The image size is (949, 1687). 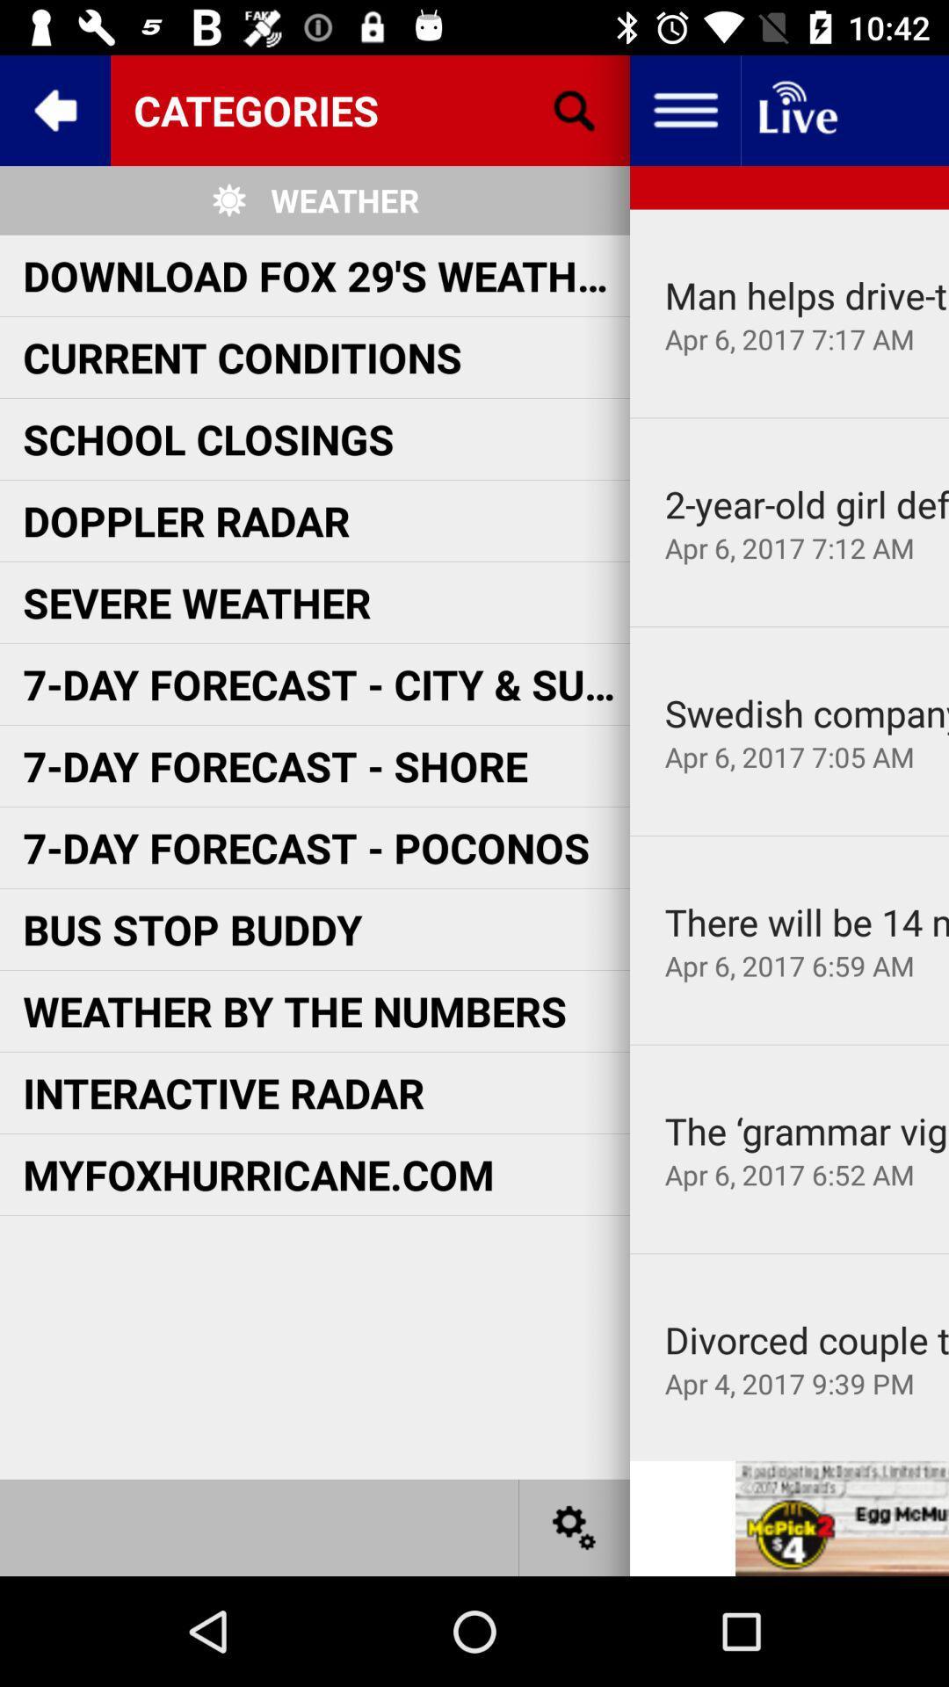 I want to click on open settings, so click(x=575, y=1526).